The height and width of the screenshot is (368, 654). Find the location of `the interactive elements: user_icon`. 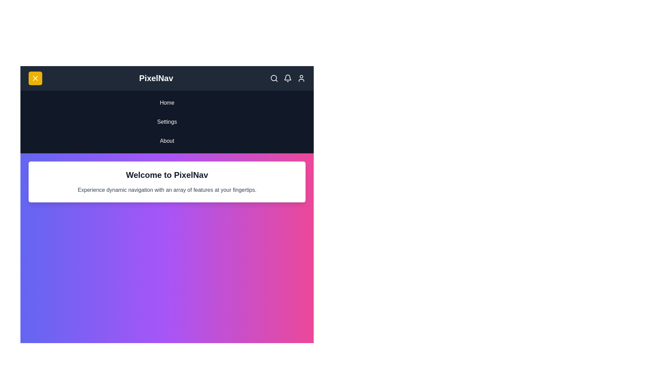

the interactive elements: user_icon is located at coordinates (301, 78).